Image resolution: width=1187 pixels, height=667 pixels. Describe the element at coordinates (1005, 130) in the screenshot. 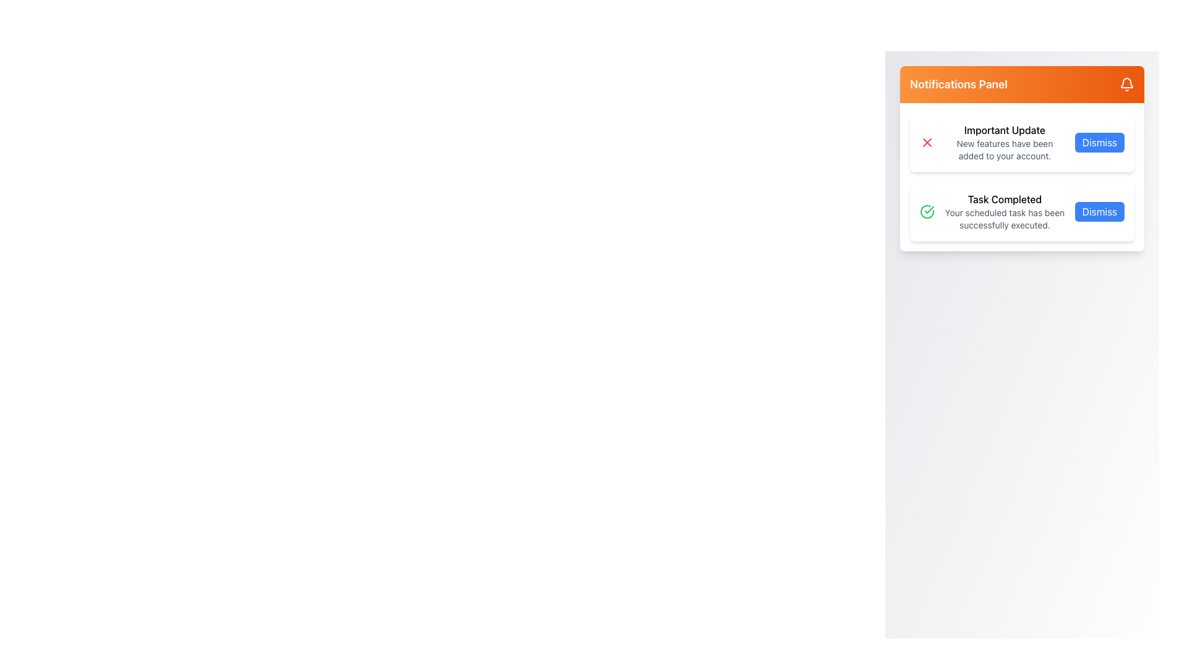

I see `text label displaying 'Important Update' which is bold and larger than standard text, located in the notifications panel at the top of the first notification group` at that location.